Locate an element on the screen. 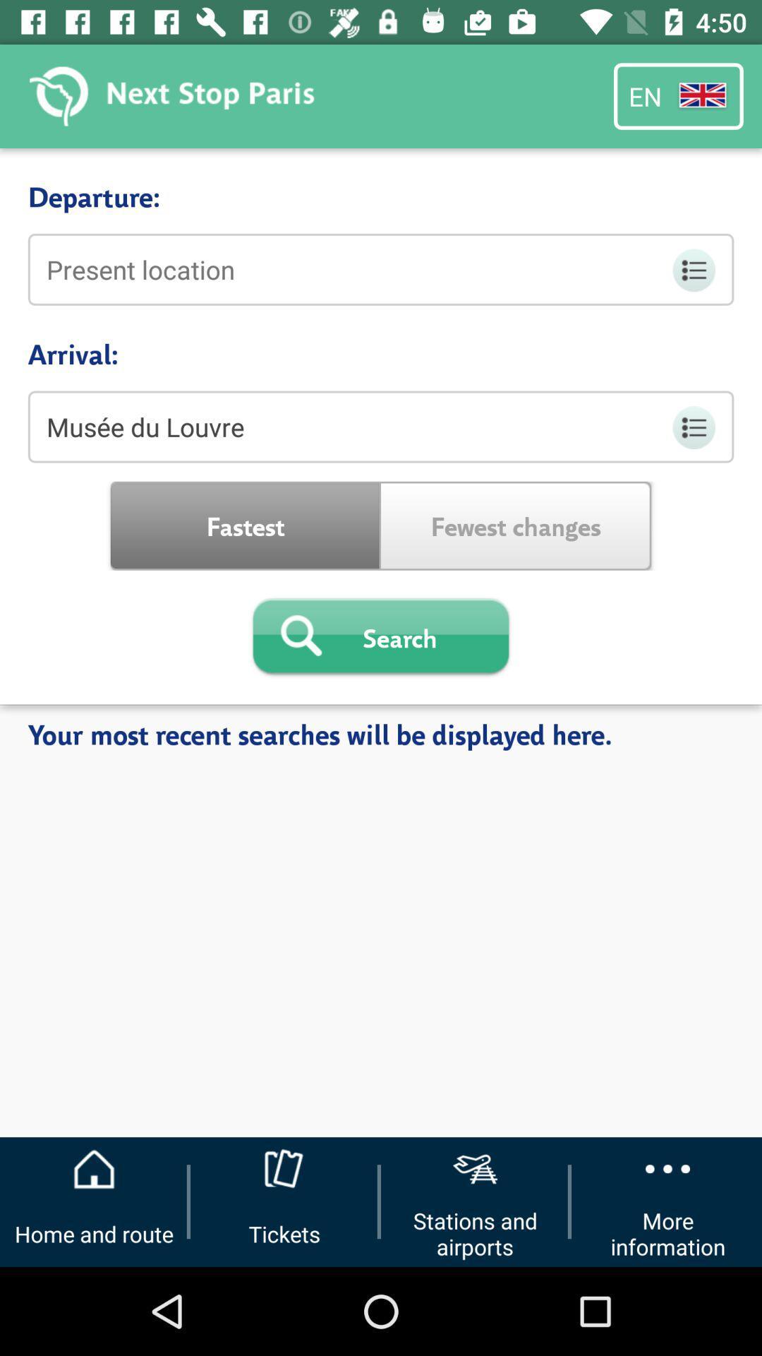  fastest is located at coordinates (245, 525).